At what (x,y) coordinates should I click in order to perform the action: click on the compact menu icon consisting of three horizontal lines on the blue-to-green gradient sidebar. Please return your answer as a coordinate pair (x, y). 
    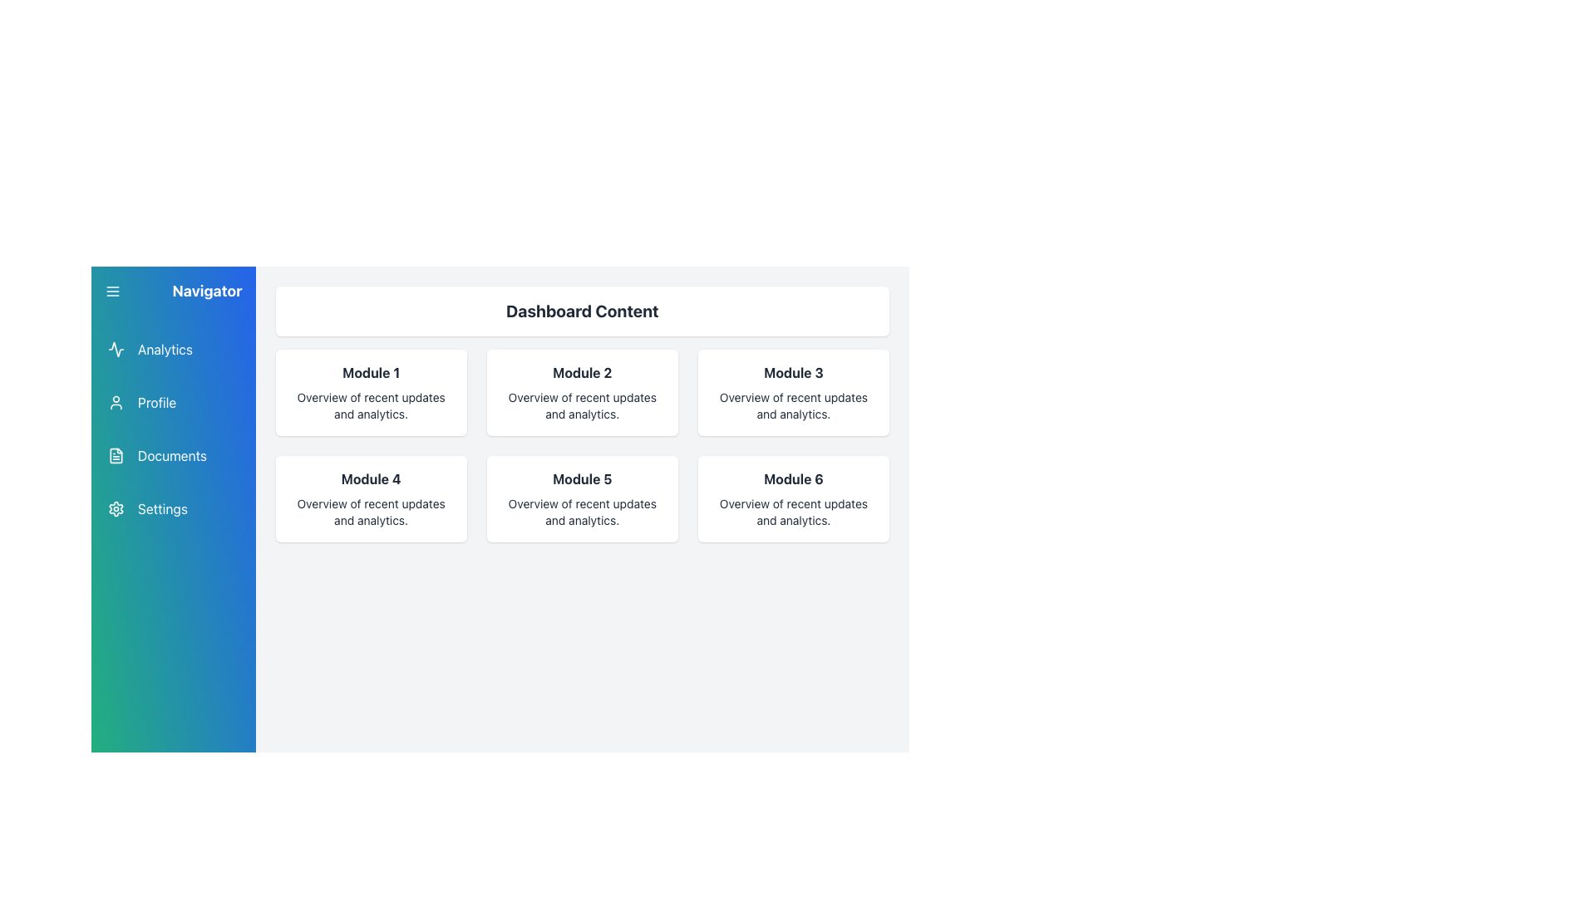
    Looking at the image, I should click on (111, 291).